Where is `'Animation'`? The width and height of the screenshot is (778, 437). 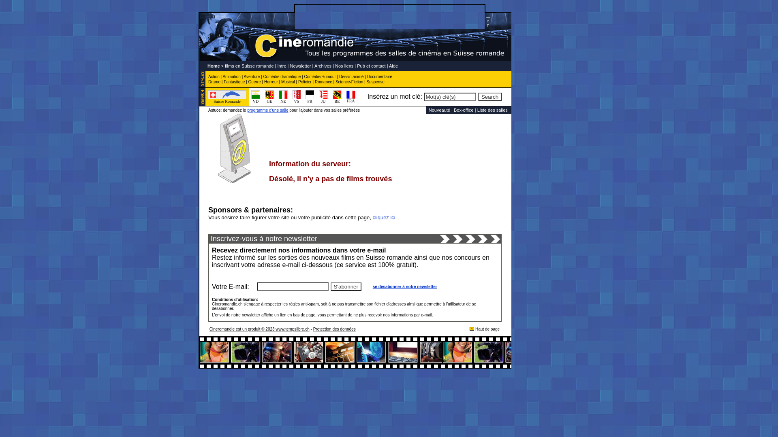
'Animation' is located at coordinates (231, 76).